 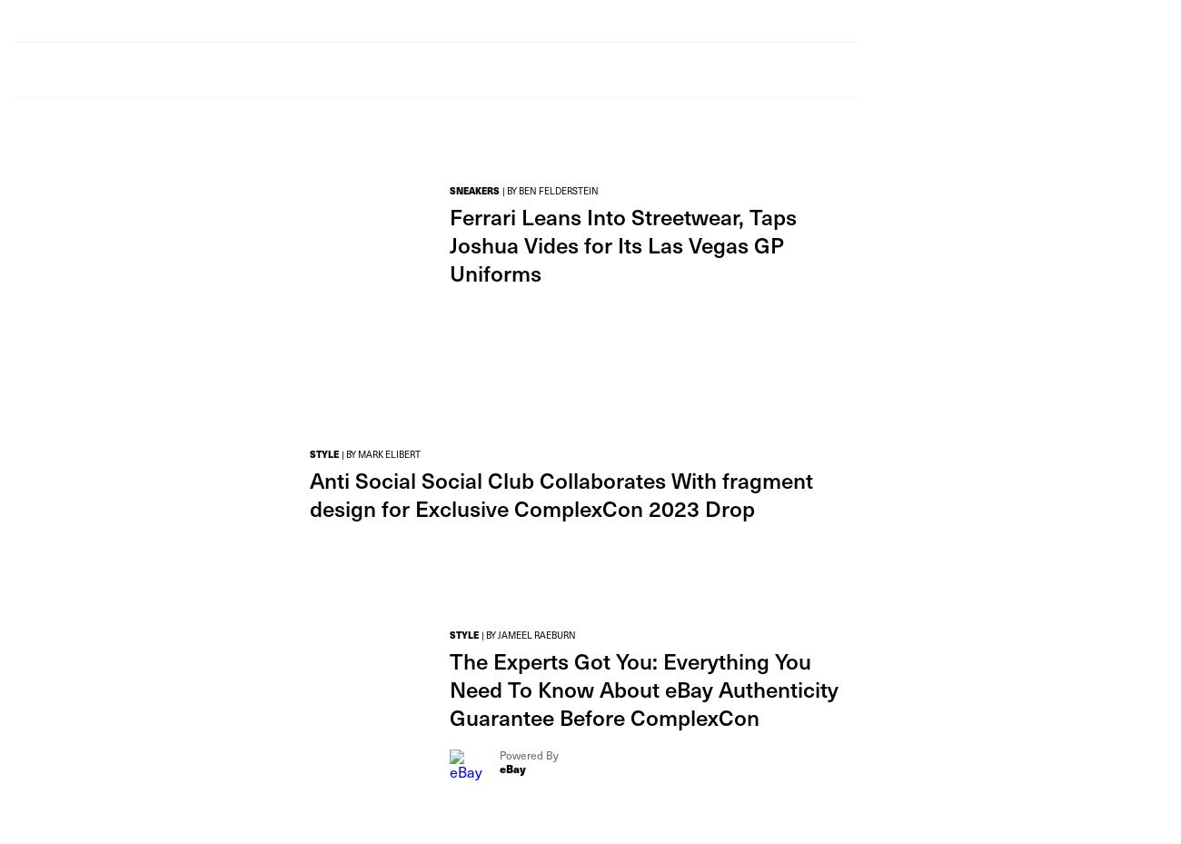 What do you see at coordinates (622, 243) in the screenshot?
I see `'Ferrari Leans Into Streetwear, Taps Joshua Vides for Its Las Vegas GP Uniforms'` at bounding box center [622, 243].